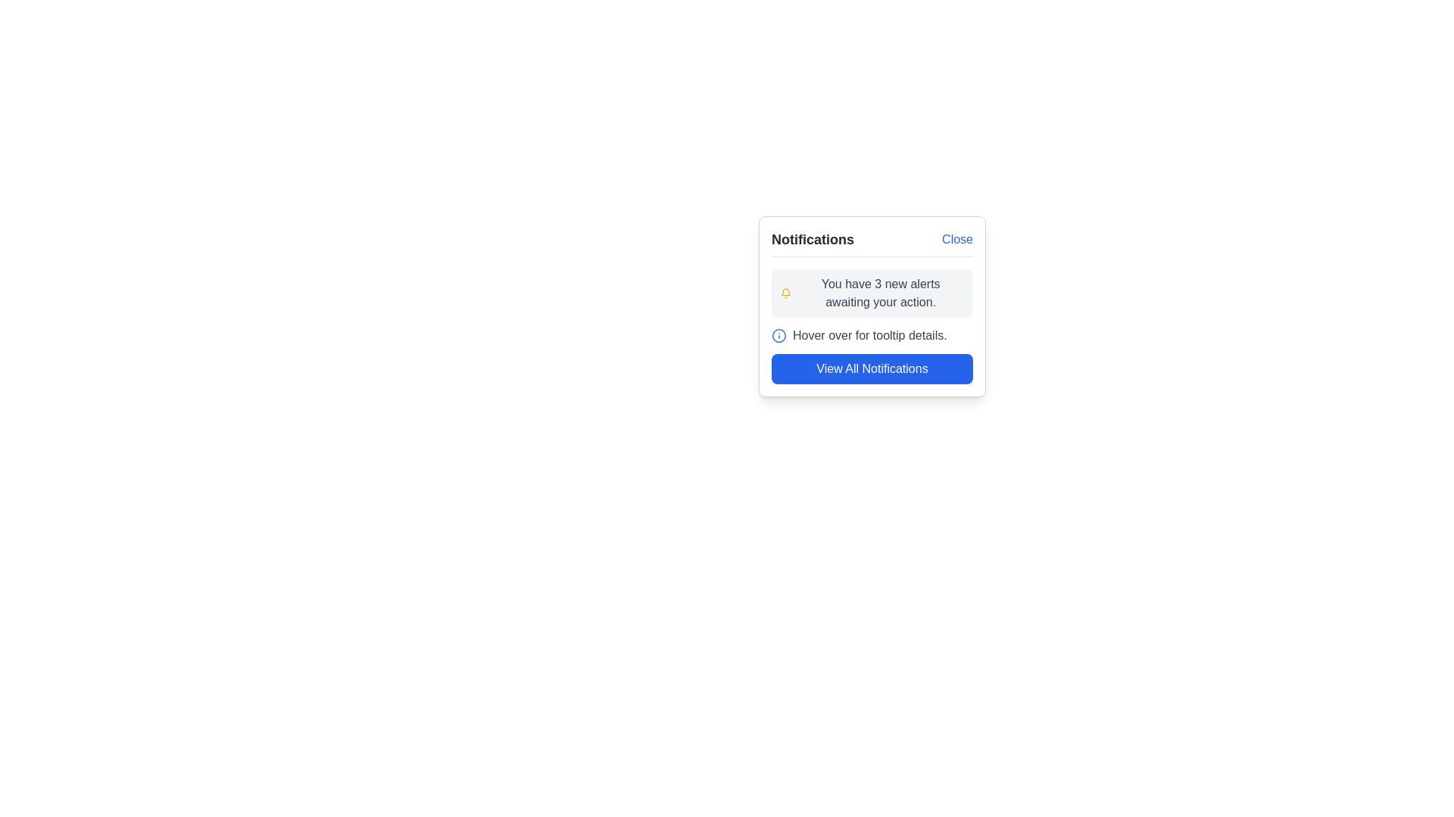 This screenshot has height=817, width=1454. I want to click on the static text that provides instruction to guide the user, located beneath the 'You have 3 new alerts awaiting your action.' notification and above the 'View All Notifications' button, so click(869, 334).